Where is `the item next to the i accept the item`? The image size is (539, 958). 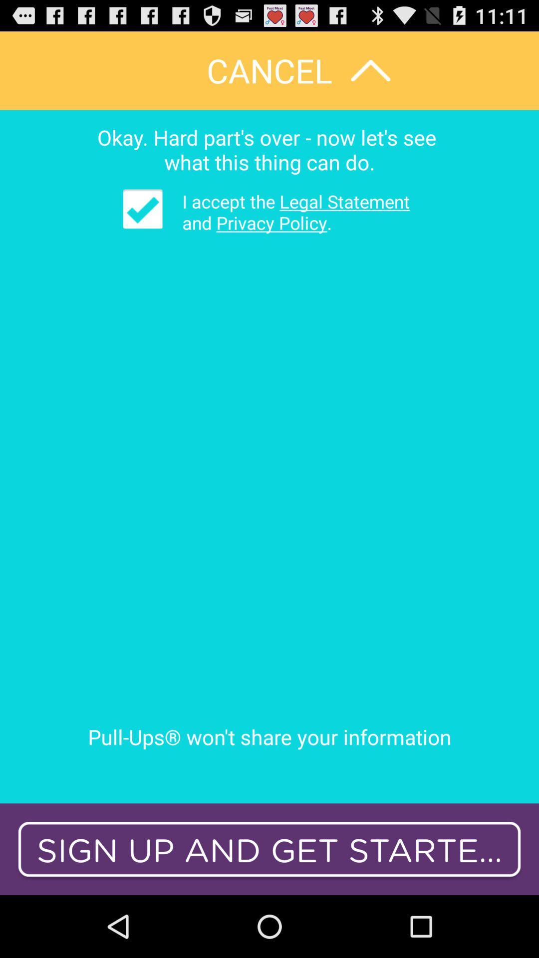
the item next to the i accept the item is located at coordinates (143, 208).